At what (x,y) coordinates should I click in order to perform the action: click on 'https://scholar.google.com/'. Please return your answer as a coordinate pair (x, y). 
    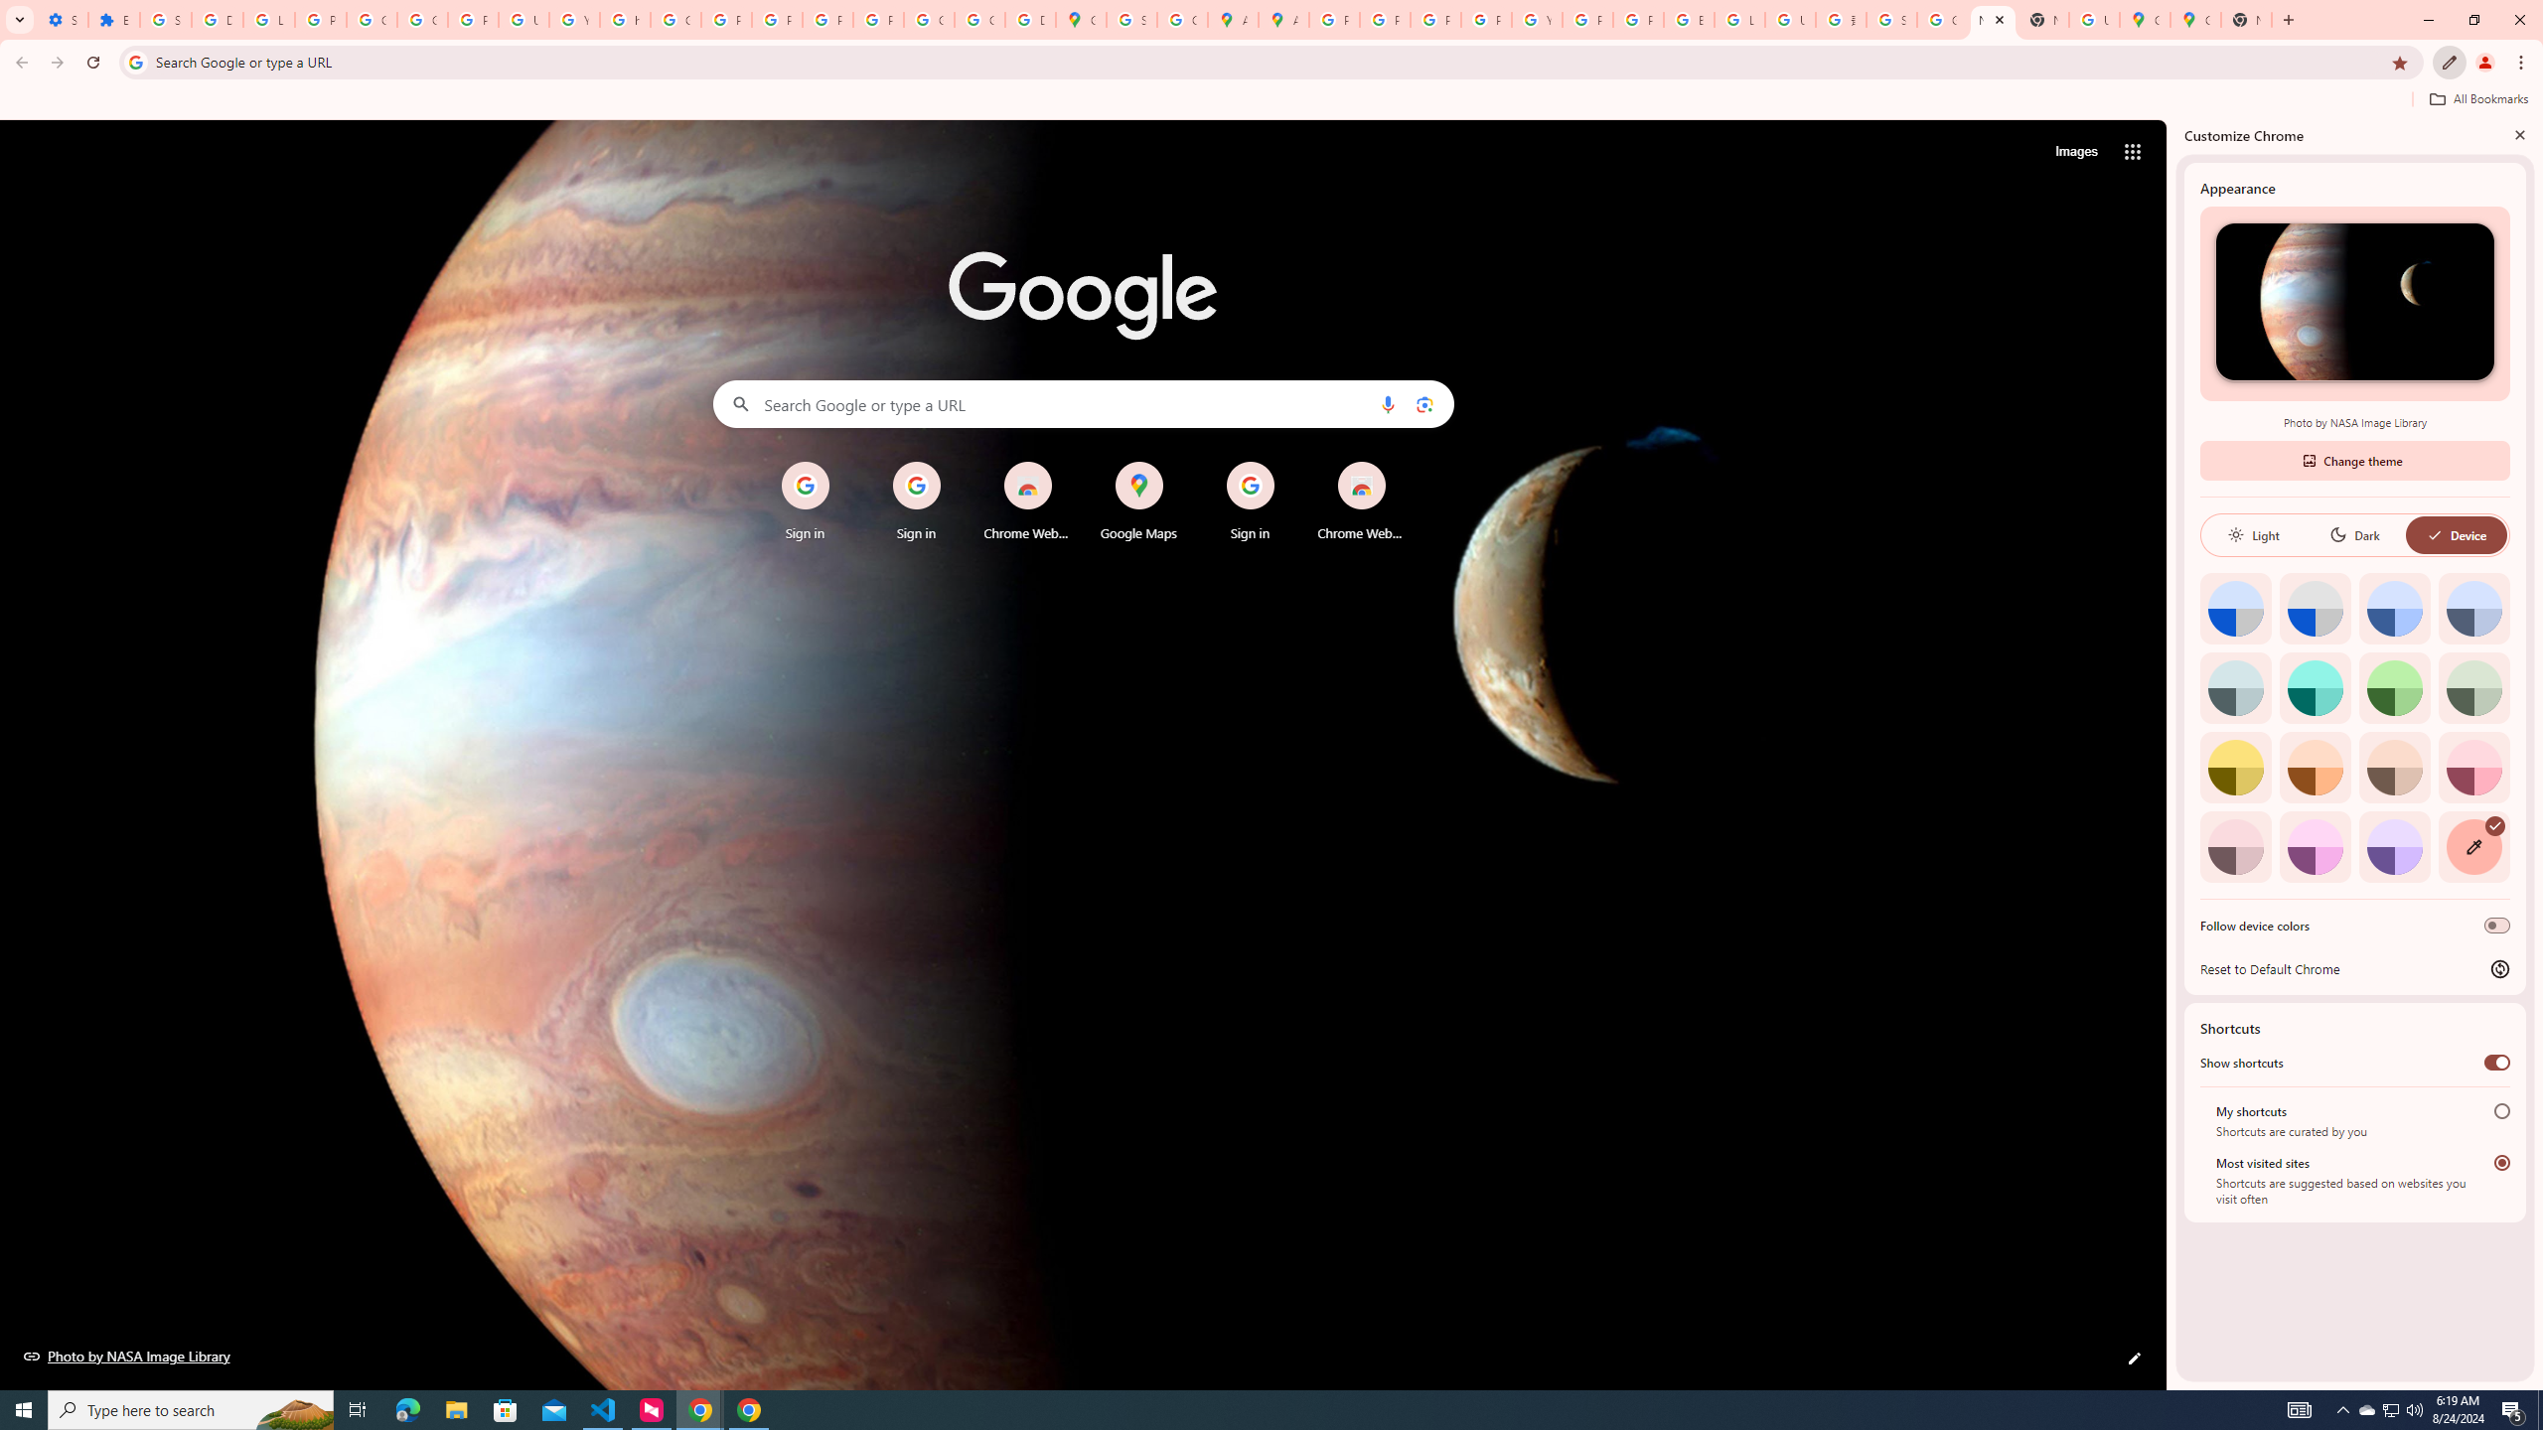
    Looking at the image, I should click on (623, 19).